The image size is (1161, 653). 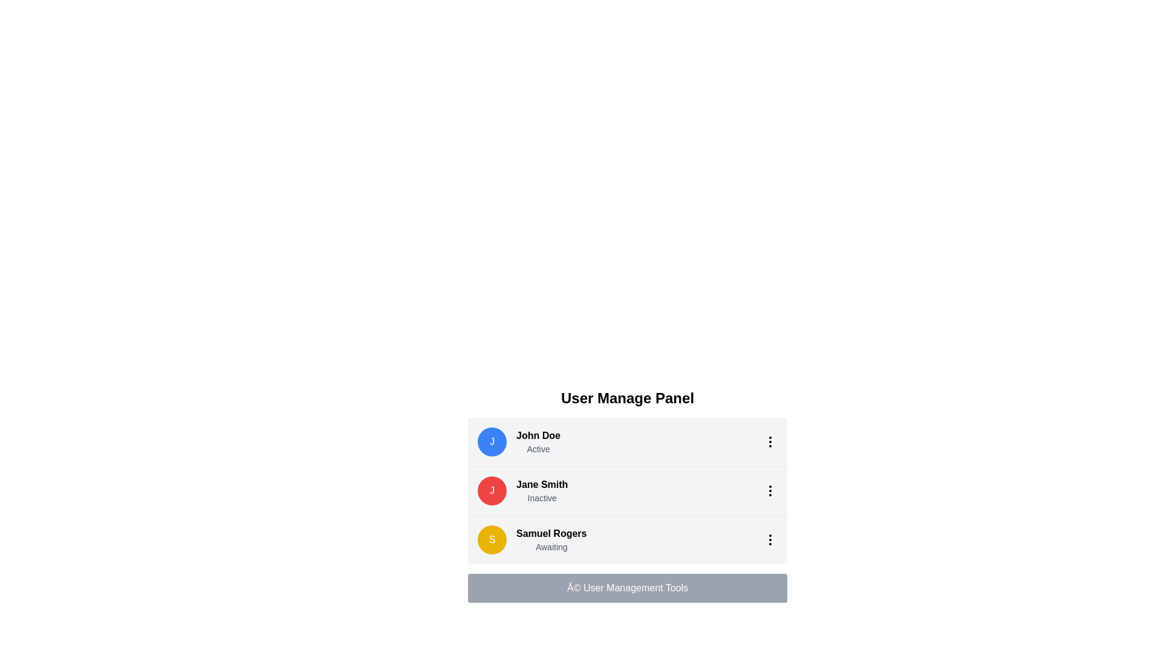 I want to click on the static text component displaying 'Â© User Management Tools' located at the bottom of the 'User Manage Panel' interface, so click(x=627, y=587).